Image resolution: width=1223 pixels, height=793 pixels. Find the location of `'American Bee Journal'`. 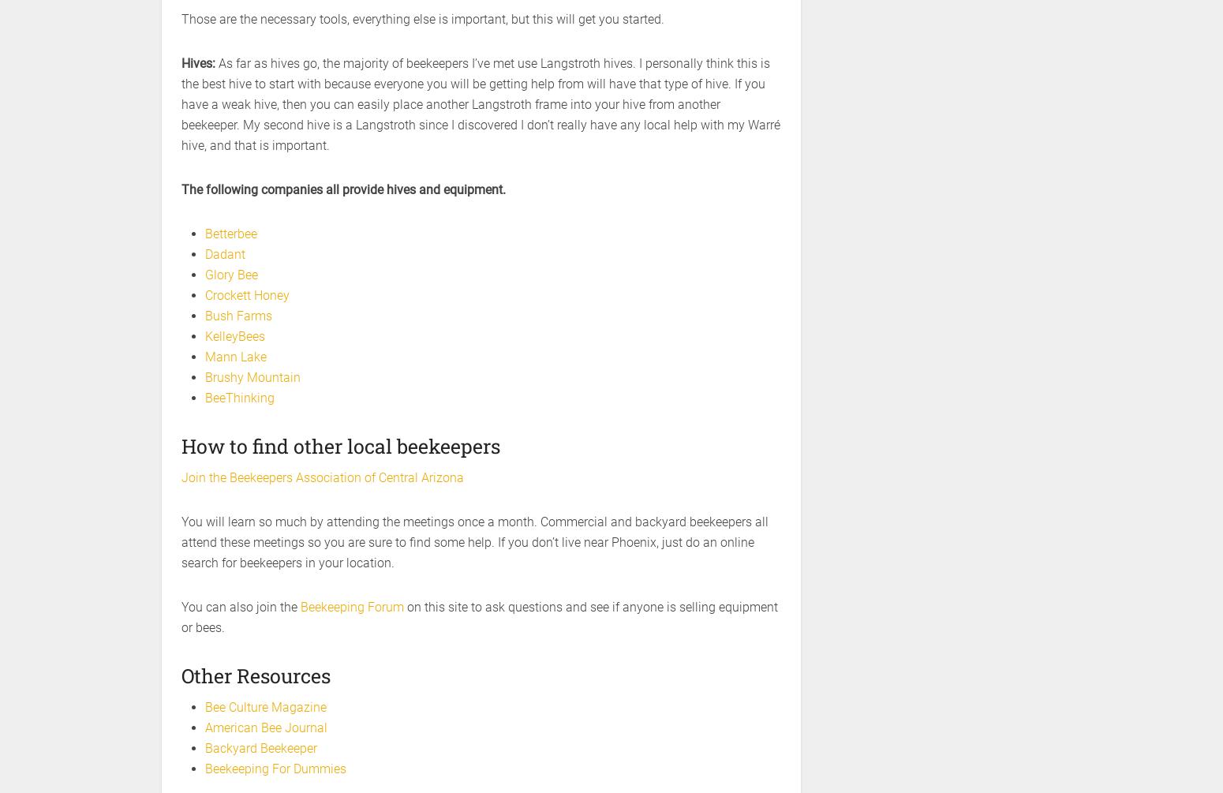

'American Bee Journal' is located at coordinates (204, 727).